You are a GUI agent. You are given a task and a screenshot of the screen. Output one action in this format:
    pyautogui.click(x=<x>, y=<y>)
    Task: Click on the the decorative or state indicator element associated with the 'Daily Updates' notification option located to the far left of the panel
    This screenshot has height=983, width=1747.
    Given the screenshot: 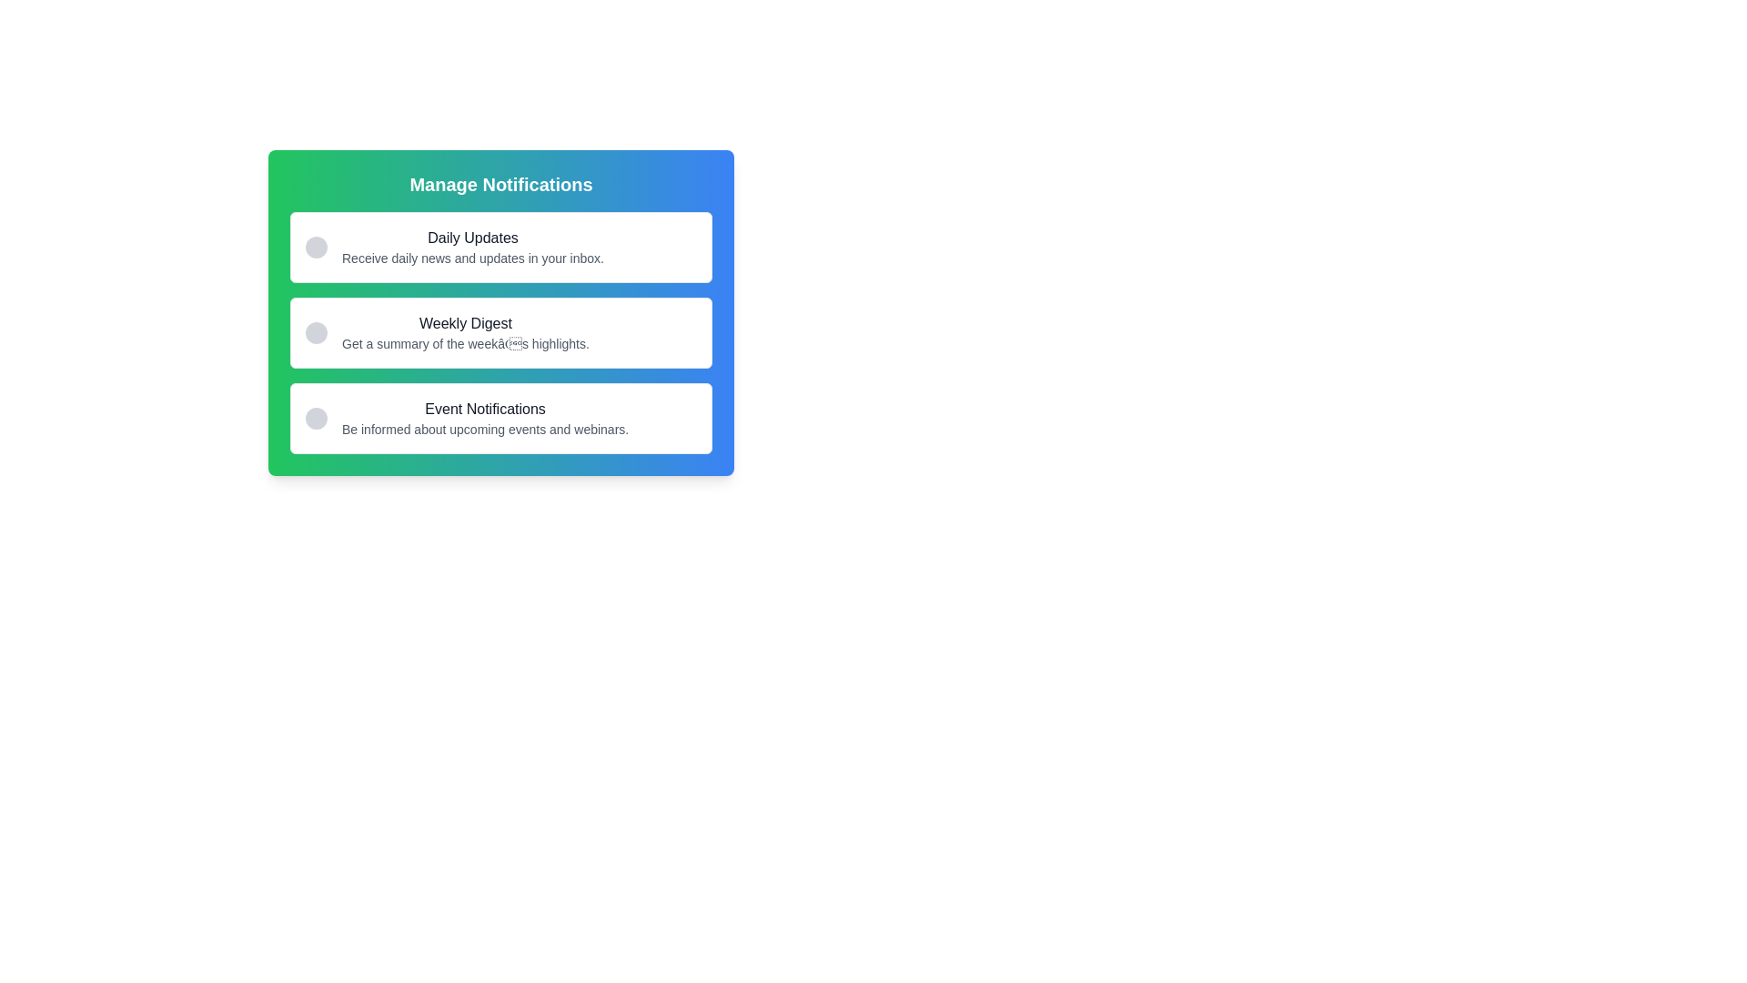 What is the action you would take?
    pyautogui.click(x=316, y=248)
    